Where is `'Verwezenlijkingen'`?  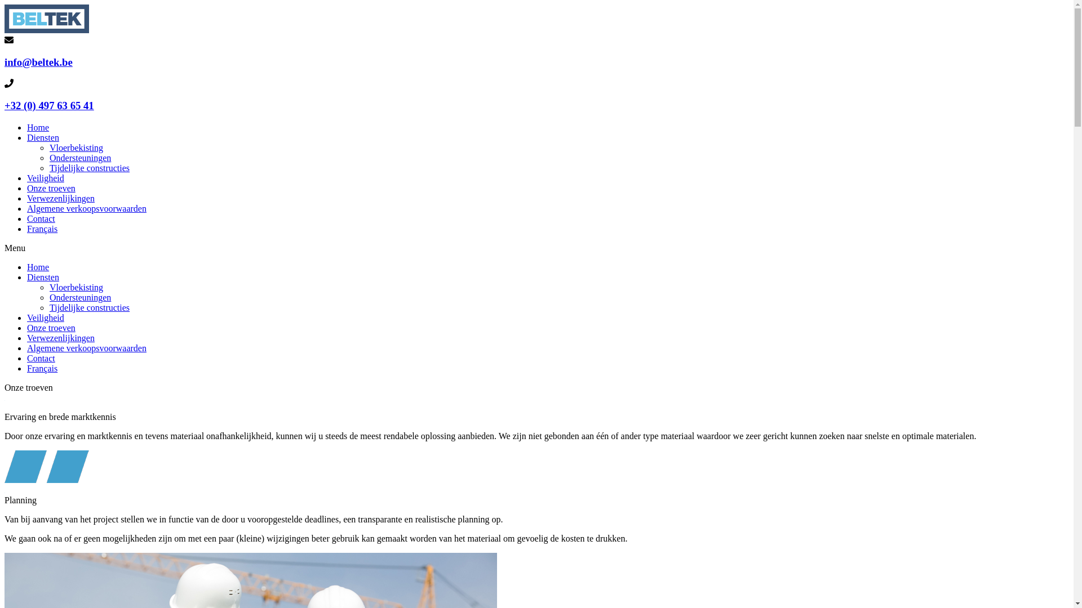
'Verwezenlijkingen' is located at coordinates (60, 337).